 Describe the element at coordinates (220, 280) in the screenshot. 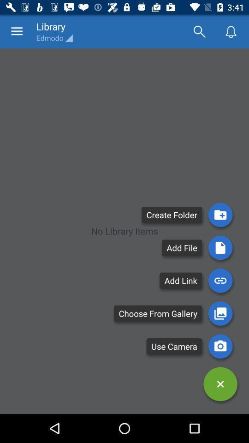

I see `attach link` at that location.